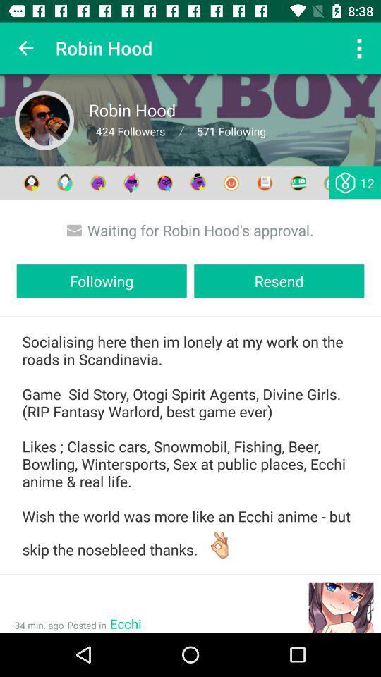 The image size is (381, 677). Describe the element at coordinates (198, 182) in the screenshot. I see `the sixth icon from the row of icons` at that location.